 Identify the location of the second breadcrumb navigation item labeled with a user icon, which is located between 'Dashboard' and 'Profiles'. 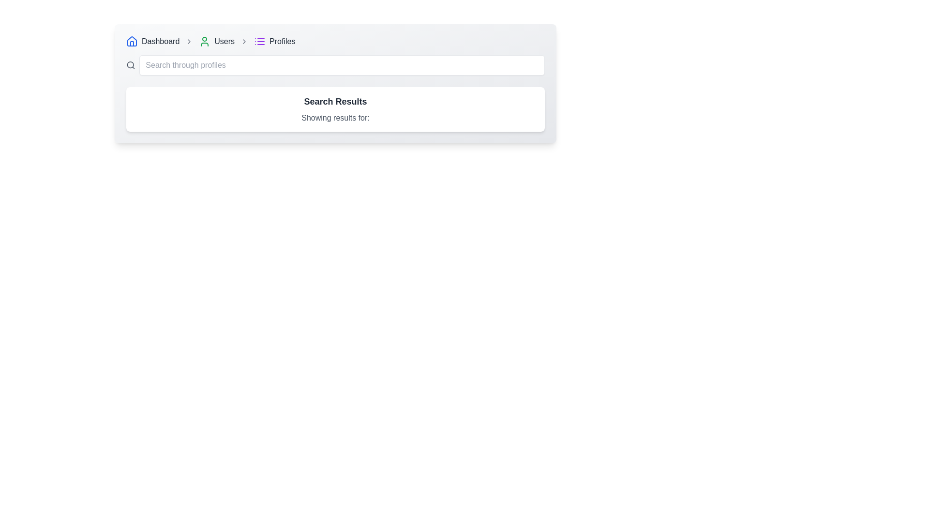
(216, 41).